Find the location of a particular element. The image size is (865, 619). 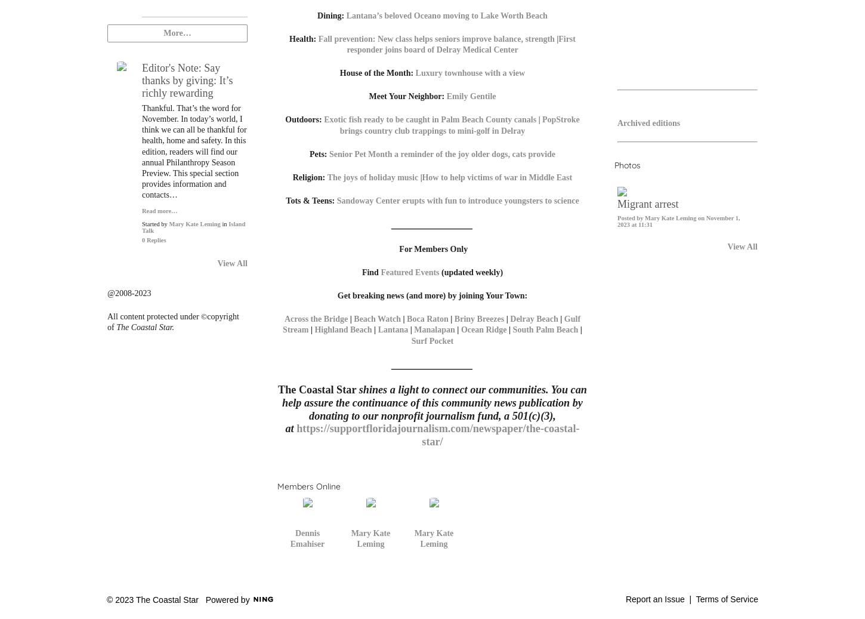

'Read more…' is located at coordinates (159, 210).